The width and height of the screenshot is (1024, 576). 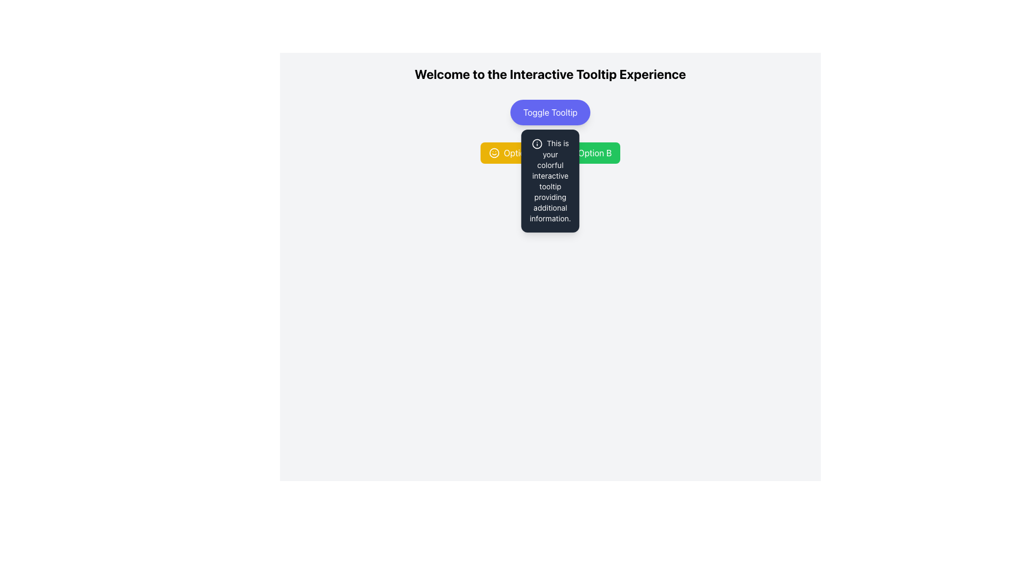 I want to click on the prominent title text that reads 'Welcome to the Interactive Tooltip Experience', which is styled in bold, black and positioned at the top of the interface, so click(x=550, y=73).